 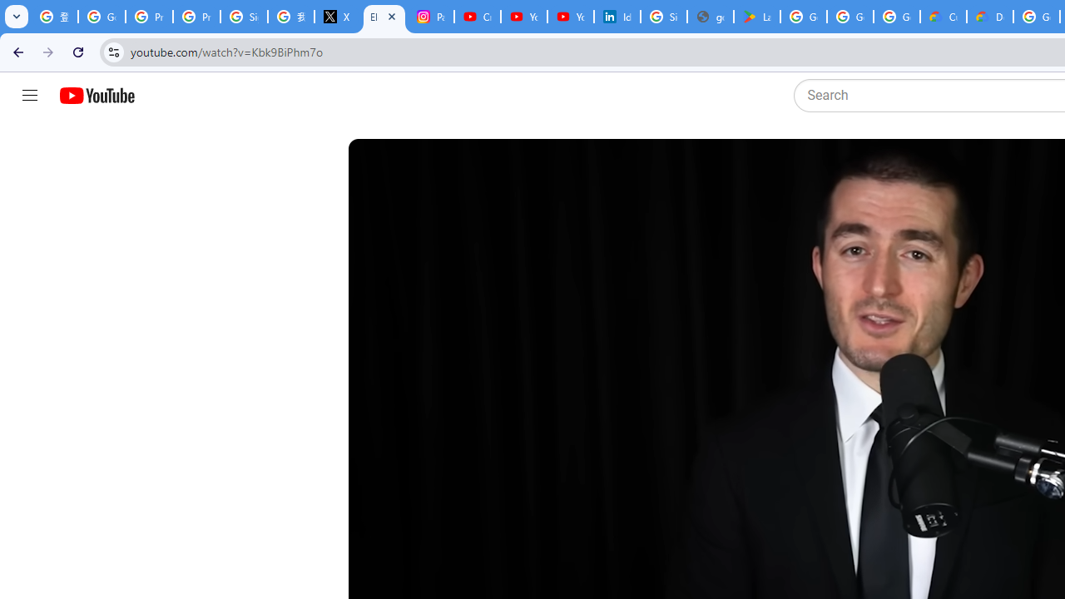 I want to click on 'Customer Care | Google Cloud', so click(x=944, y=17).